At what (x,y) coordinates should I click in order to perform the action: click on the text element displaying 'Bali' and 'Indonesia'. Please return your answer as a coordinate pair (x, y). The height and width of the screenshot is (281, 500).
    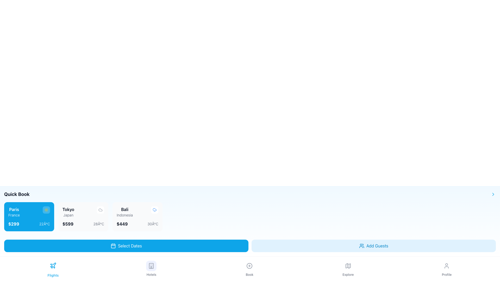
    Looking at the image, I should click on (124, 212).